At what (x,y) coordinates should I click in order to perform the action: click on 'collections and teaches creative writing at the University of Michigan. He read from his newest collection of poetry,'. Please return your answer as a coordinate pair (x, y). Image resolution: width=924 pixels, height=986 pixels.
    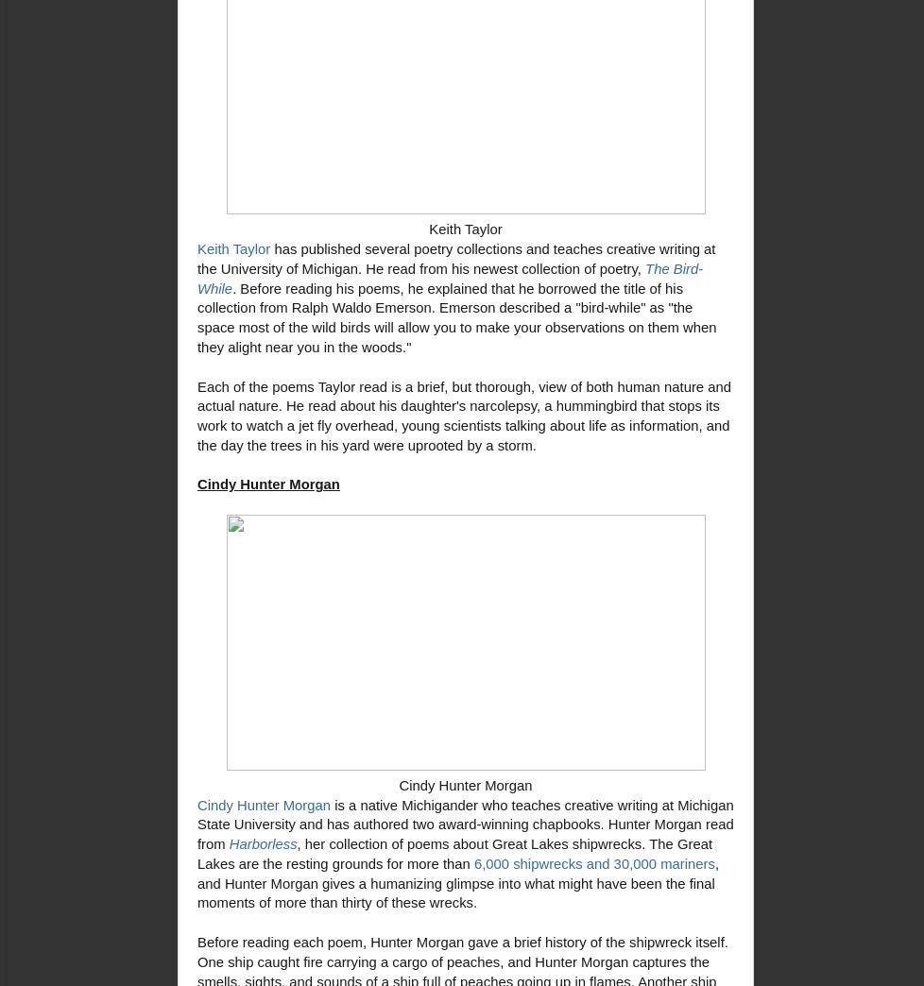
    Looking at the image, I should click on (455, 258).